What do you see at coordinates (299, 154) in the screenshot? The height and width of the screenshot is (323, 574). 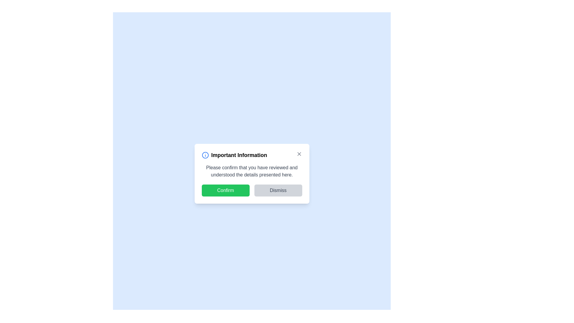 I see `the dismissal button located in the top-right corner of the modal header` at bounding box center [299, 154].